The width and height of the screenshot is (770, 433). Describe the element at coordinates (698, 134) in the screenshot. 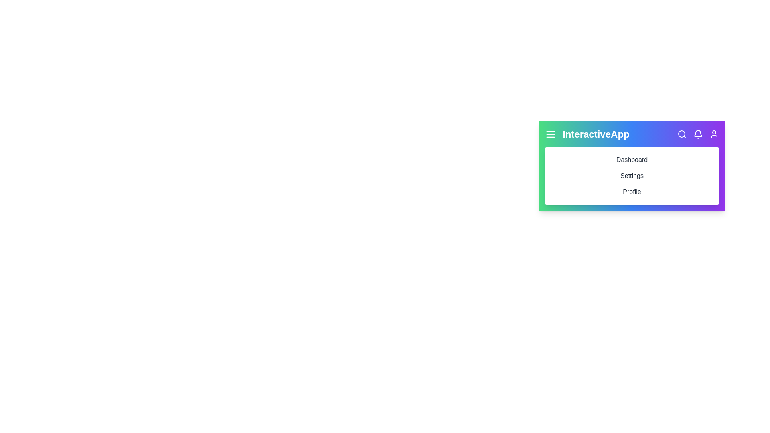

I see `the bell icon to access the notification section` at that location.